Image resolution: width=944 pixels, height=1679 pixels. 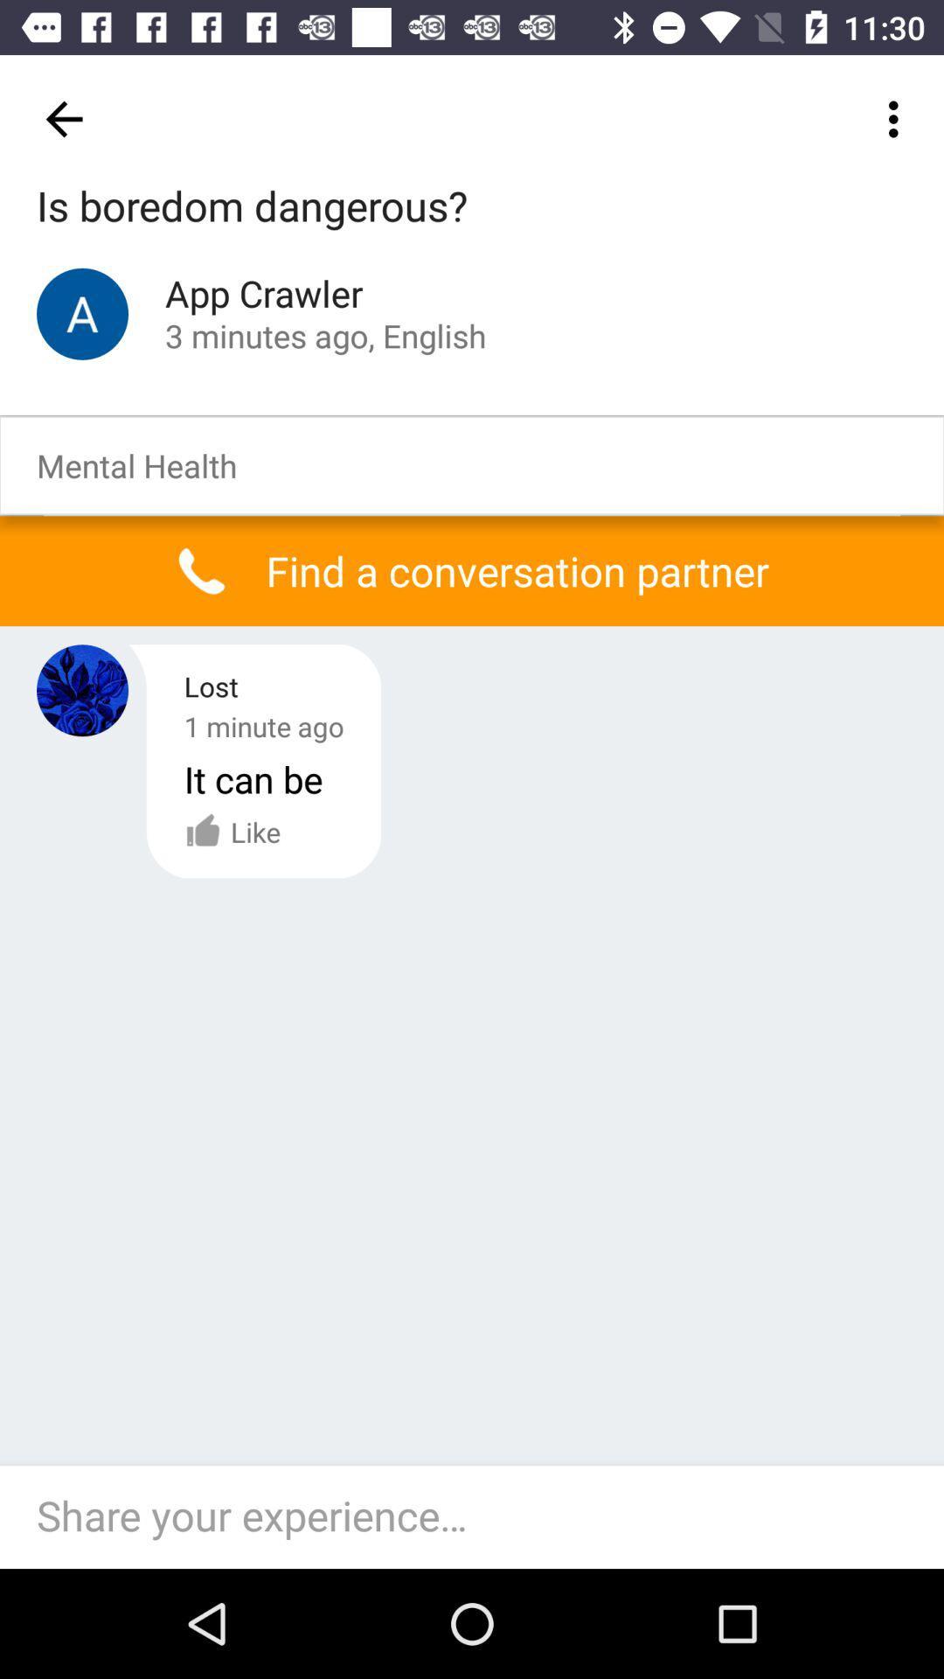 What do you see at coordinates (232, 831) in the screenshot?
I see `the like option` at bounding box center [232, 831].